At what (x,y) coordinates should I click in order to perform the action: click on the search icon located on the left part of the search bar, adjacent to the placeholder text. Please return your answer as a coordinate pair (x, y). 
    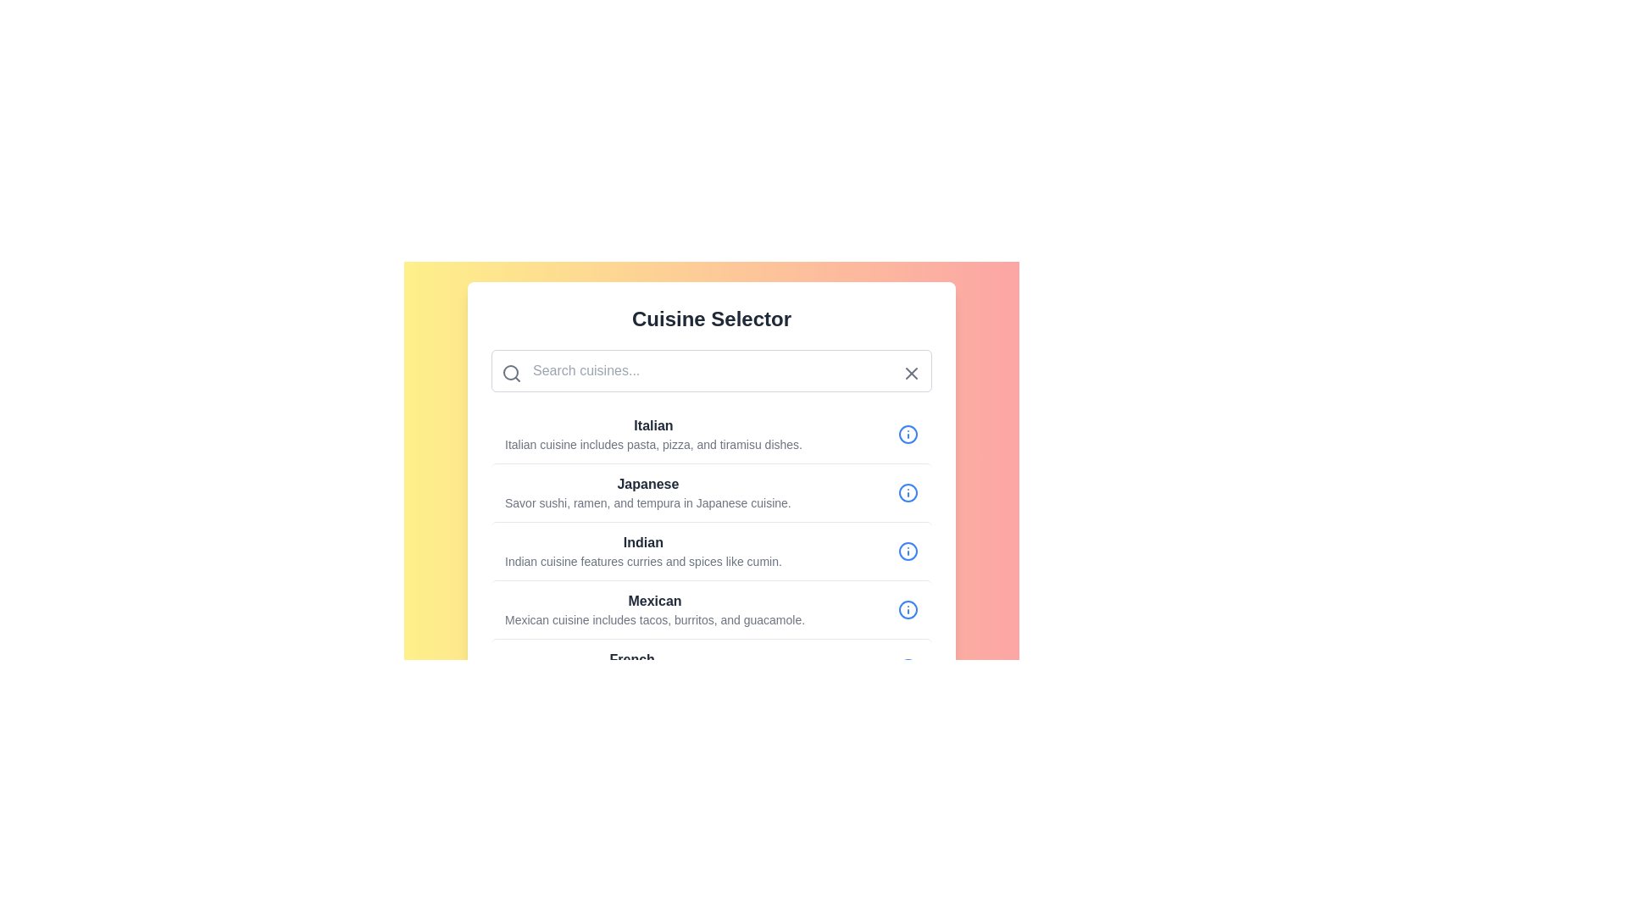
    Looking at the image, I should click on (511, 372).